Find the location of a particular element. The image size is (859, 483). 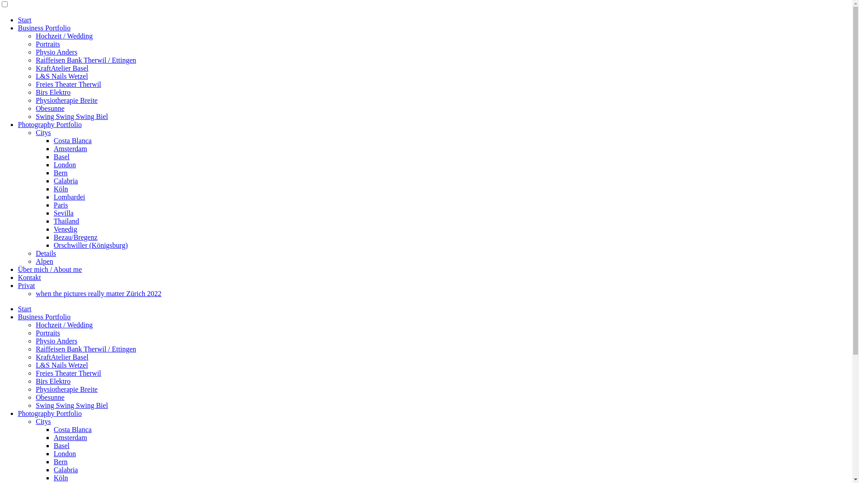

'KraftAtelier Basel' is located at coordinates (62, 356).